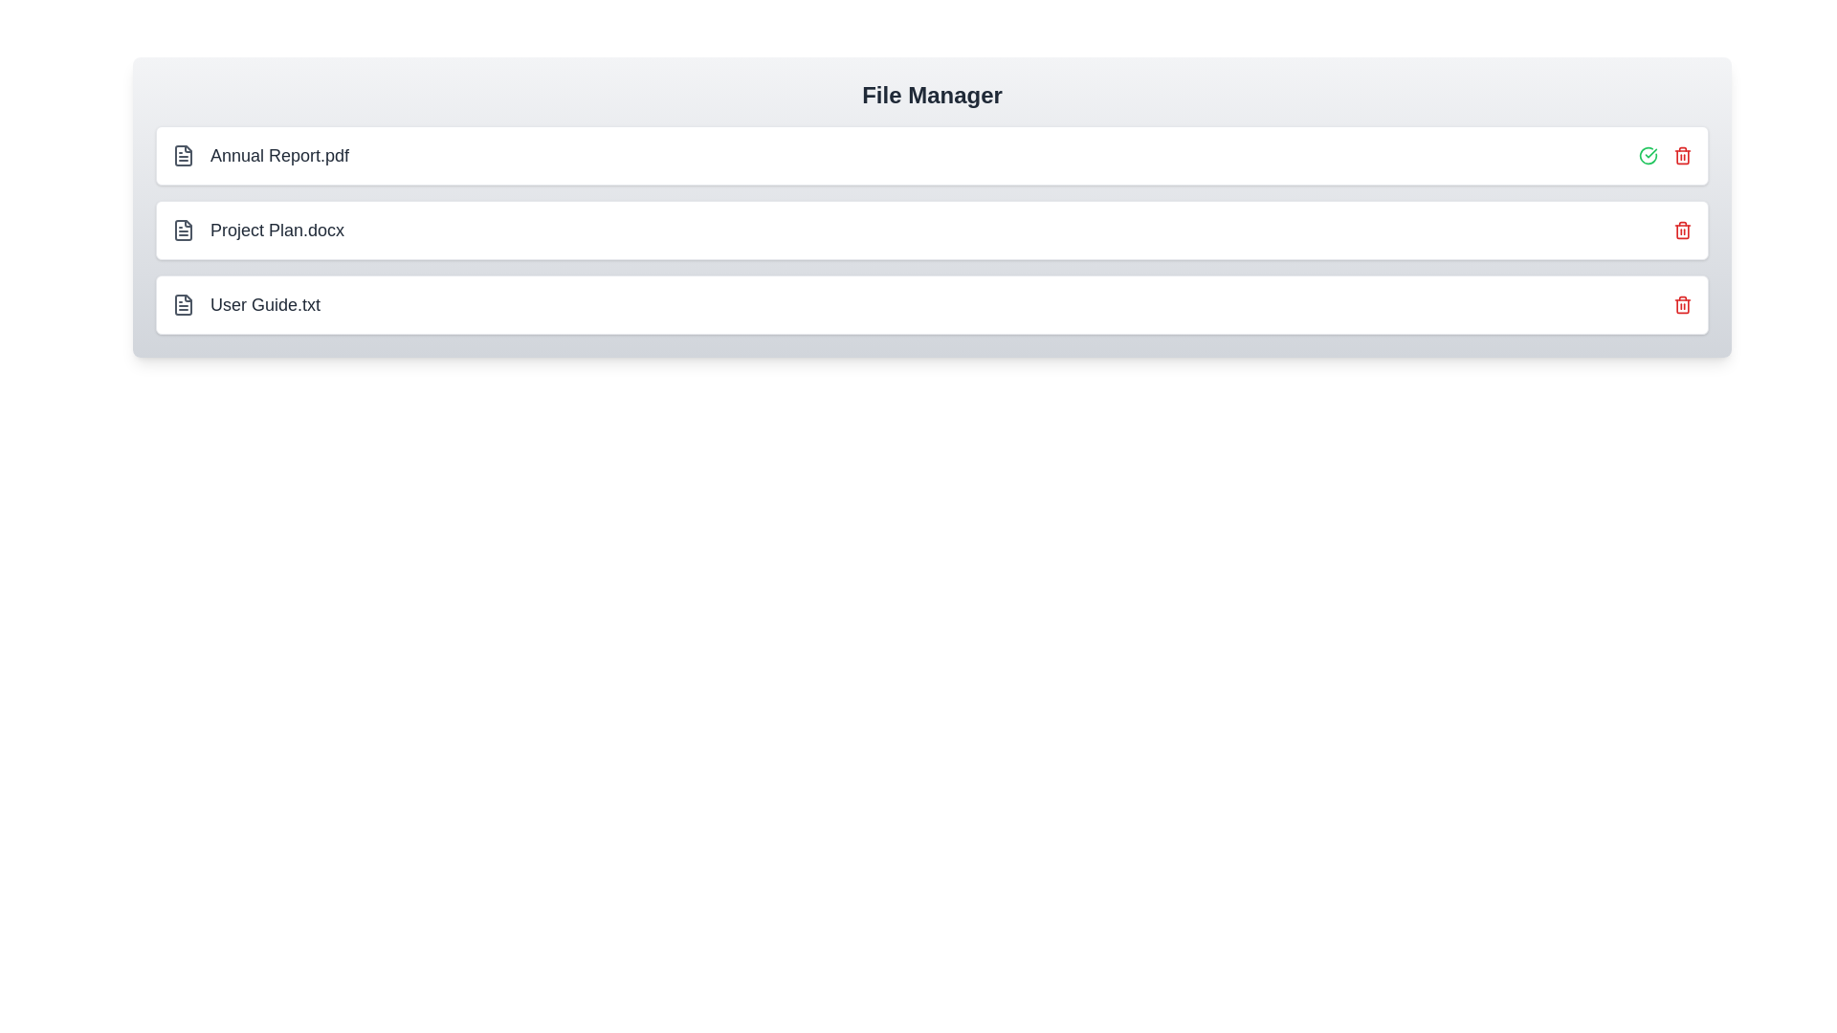 This screenshot has width=1837, height=1033. Describe the element at coordinates (256, 229) in the screenshot. I see `the File list entry displaying 'Project Plan.docx'` at that location.